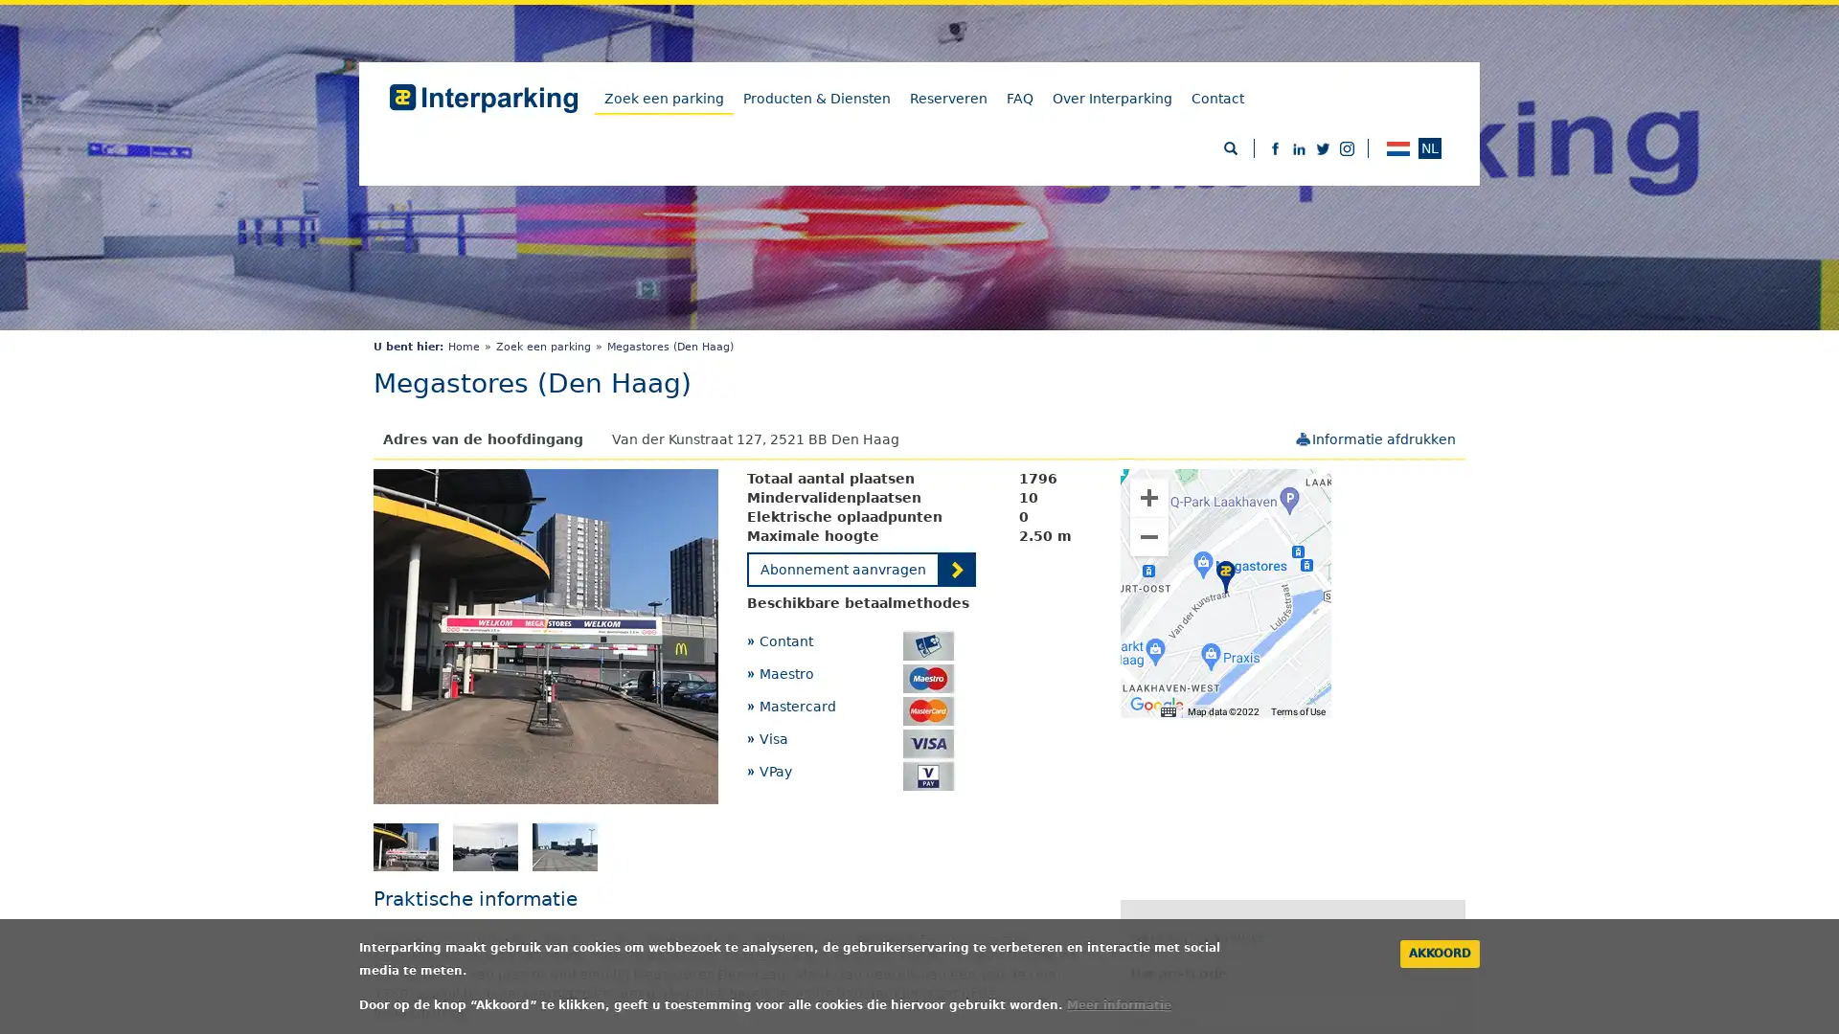  I want to click on Zoom out, so click(1149, 536).